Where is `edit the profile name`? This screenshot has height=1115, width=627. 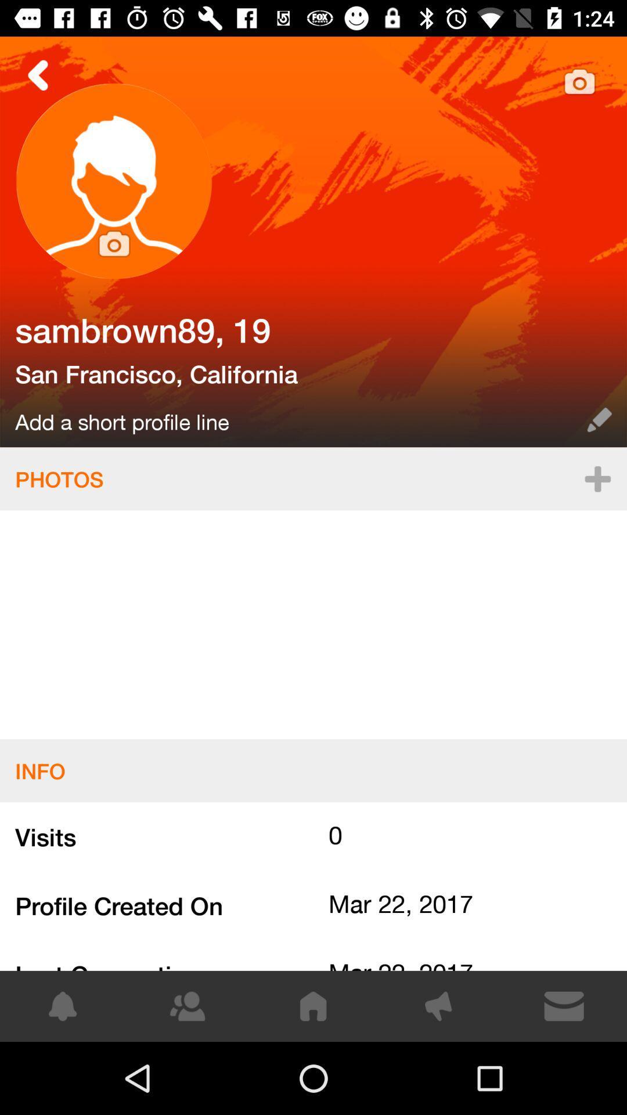
edit the profile name is located at coordinates (599, 419).